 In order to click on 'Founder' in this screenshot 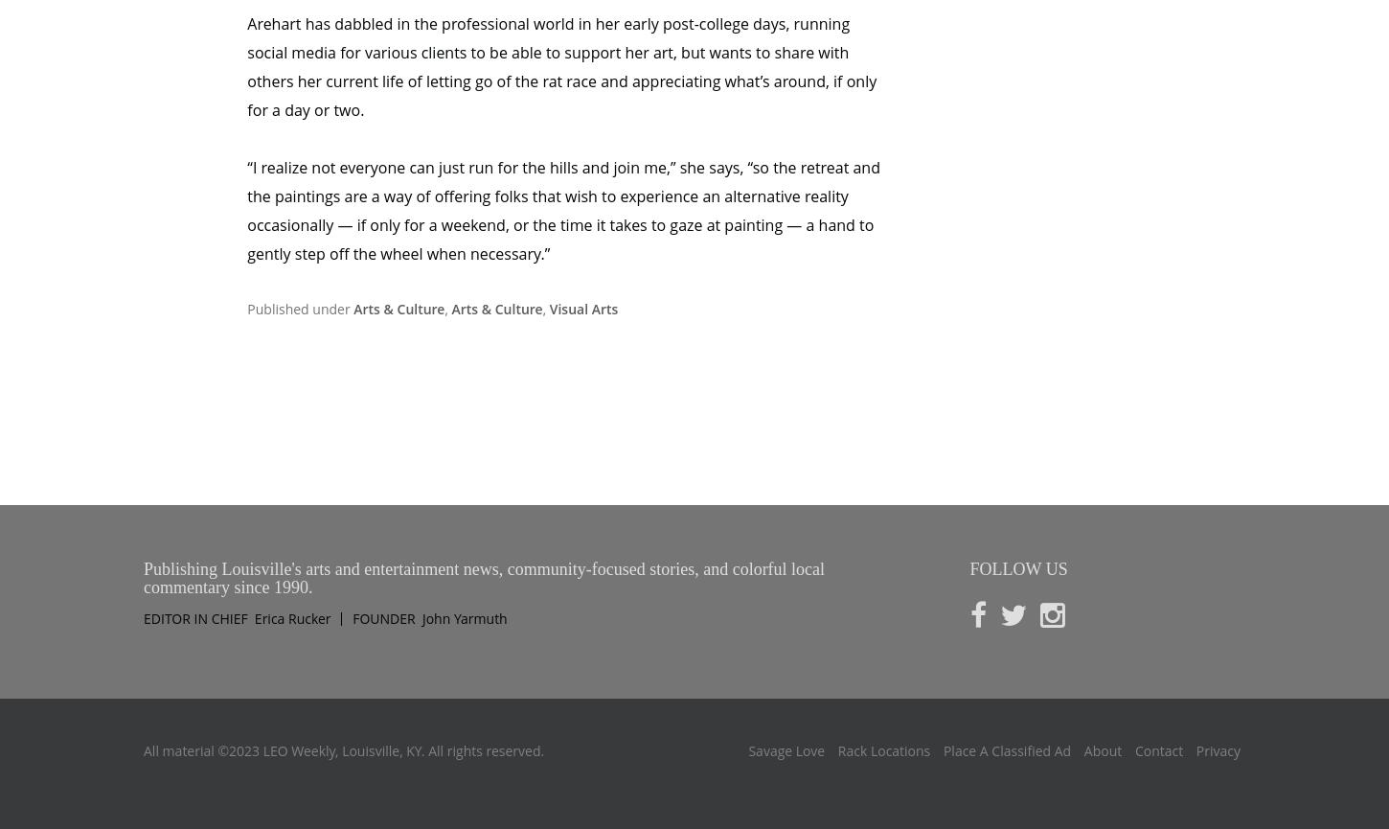, I will do `click(384, 537)`.